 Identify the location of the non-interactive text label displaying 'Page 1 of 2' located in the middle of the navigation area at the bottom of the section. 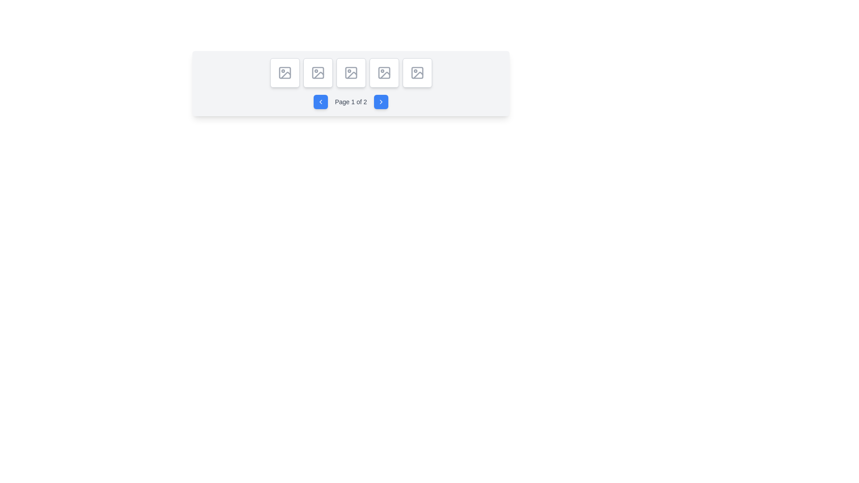
(350, 101).